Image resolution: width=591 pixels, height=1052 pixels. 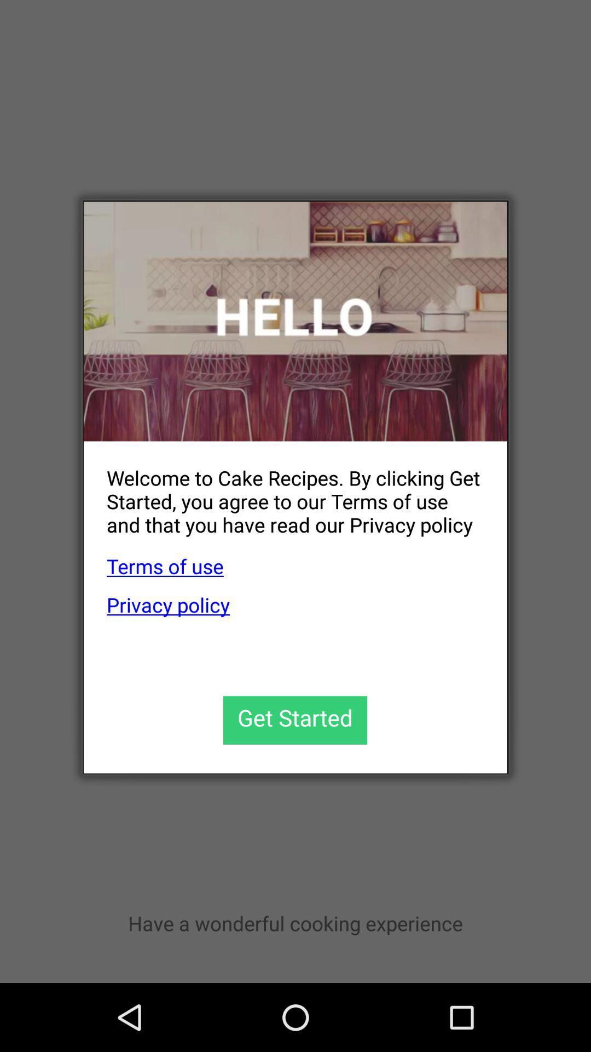 What do you see at coordinates (294, 720) in the screenshot?
I see `get started` at bounding box center [294, 720].